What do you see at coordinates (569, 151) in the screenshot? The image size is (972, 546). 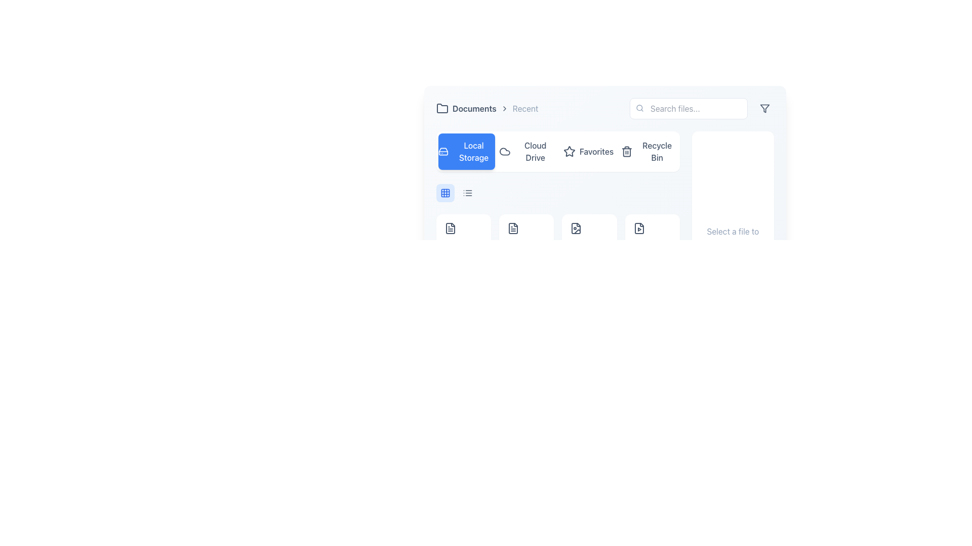 I see `the star icon labeled 'Favorites', which is the third icon` at bounding box center [569, 151].